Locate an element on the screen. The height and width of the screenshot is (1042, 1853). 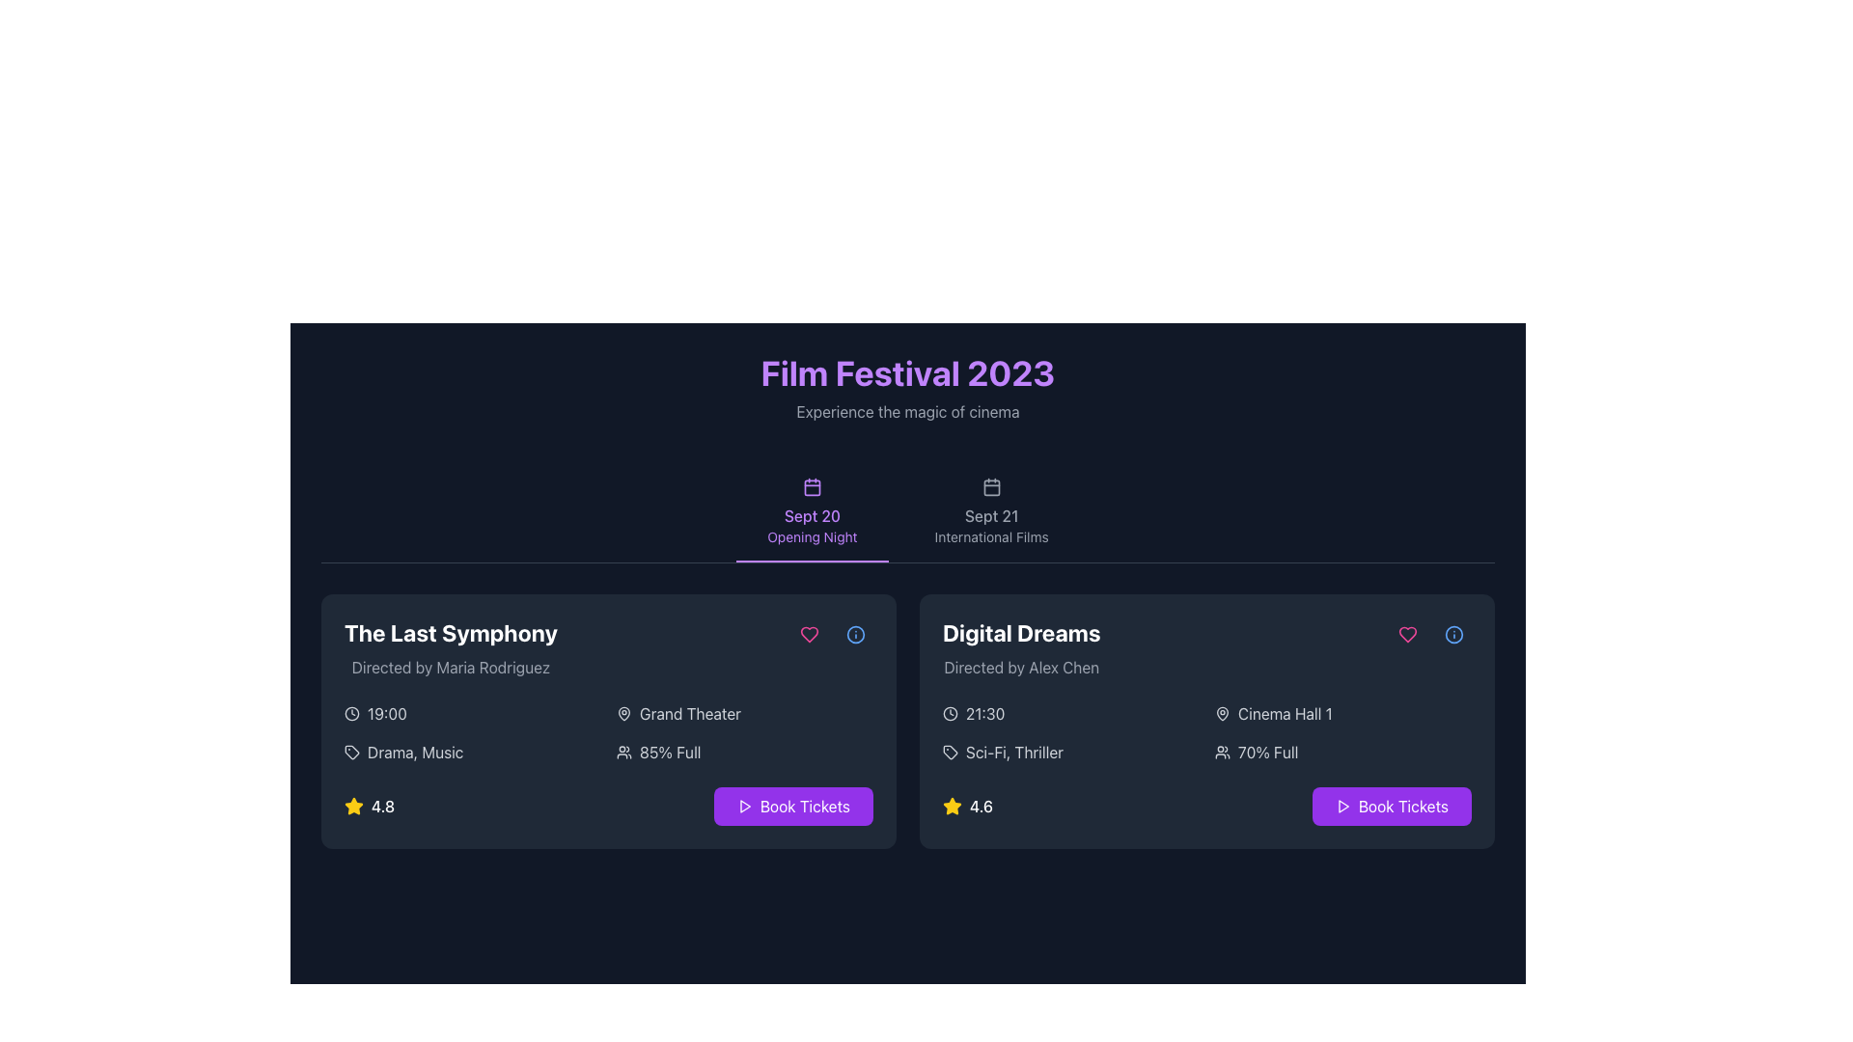
the tag icon located at the top right corner of the 'Digital Dreams' card, which is a slanted rectangular shape with rounded corners and a dot near one of its corners is located at coordinates (351, 751).